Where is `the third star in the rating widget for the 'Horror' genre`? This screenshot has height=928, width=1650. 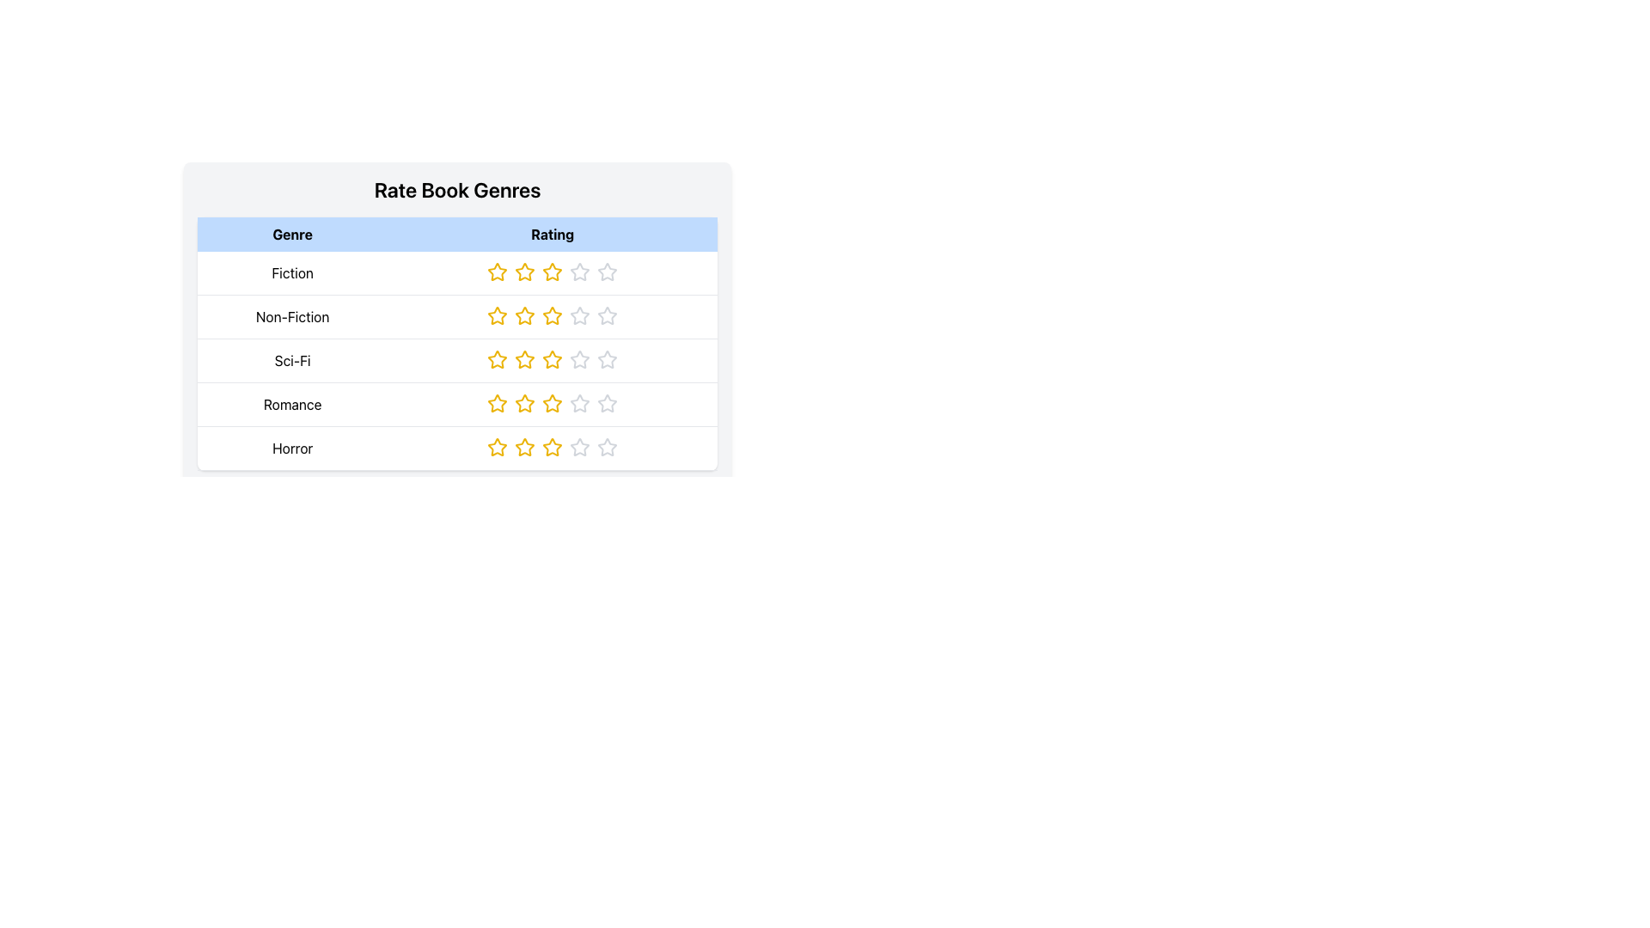 the third star in the rating widget for the 'Horror' genre is located at coordinates (553, 447).